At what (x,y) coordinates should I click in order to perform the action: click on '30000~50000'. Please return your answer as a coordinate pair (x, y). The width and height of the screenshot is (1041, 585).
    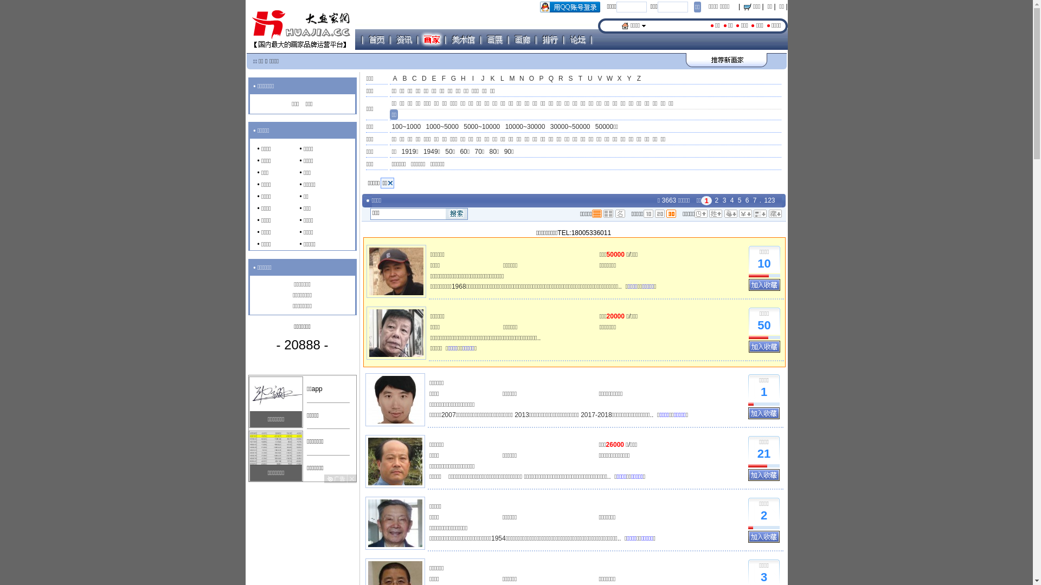
    Looking at the image, I should click on (569, 127).